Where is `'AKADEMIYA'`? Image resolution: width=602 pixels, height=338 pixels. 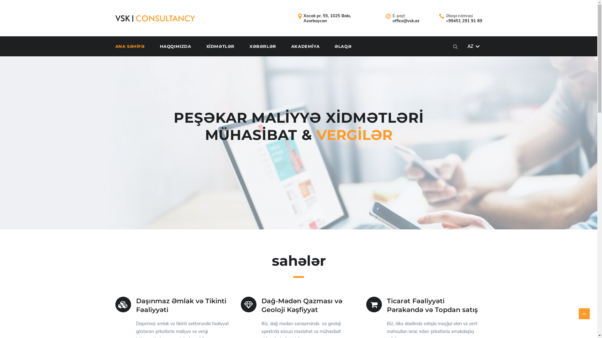 'AKADEMIYA' is located at coordinates (312, 46).